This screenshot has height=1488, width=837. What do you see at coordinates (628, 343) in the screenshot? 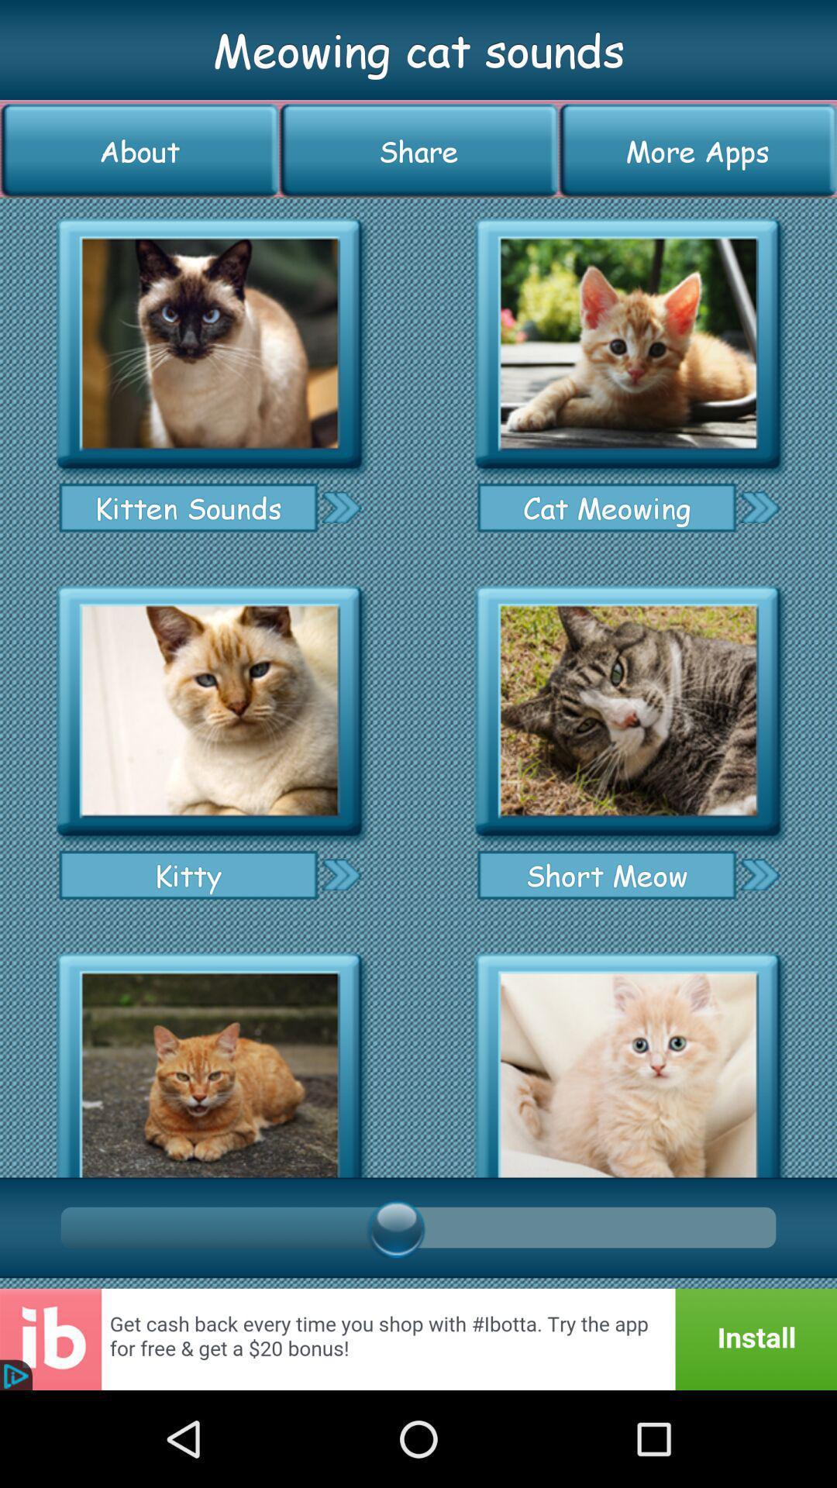
I see `choose meowing cat sounds` at bounding box center [628, 343].